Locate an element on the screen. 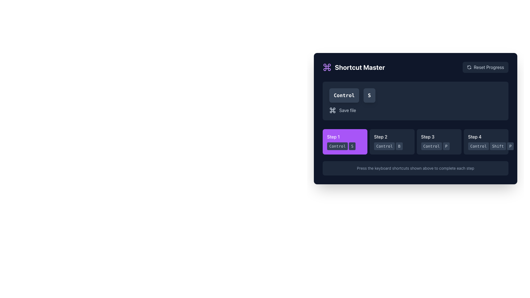 The image size is (530, 298). the small rectangular button with rounded corners, dark slate gray background, and light gray letter 'S' in the center is located at coordinates (352, 146).